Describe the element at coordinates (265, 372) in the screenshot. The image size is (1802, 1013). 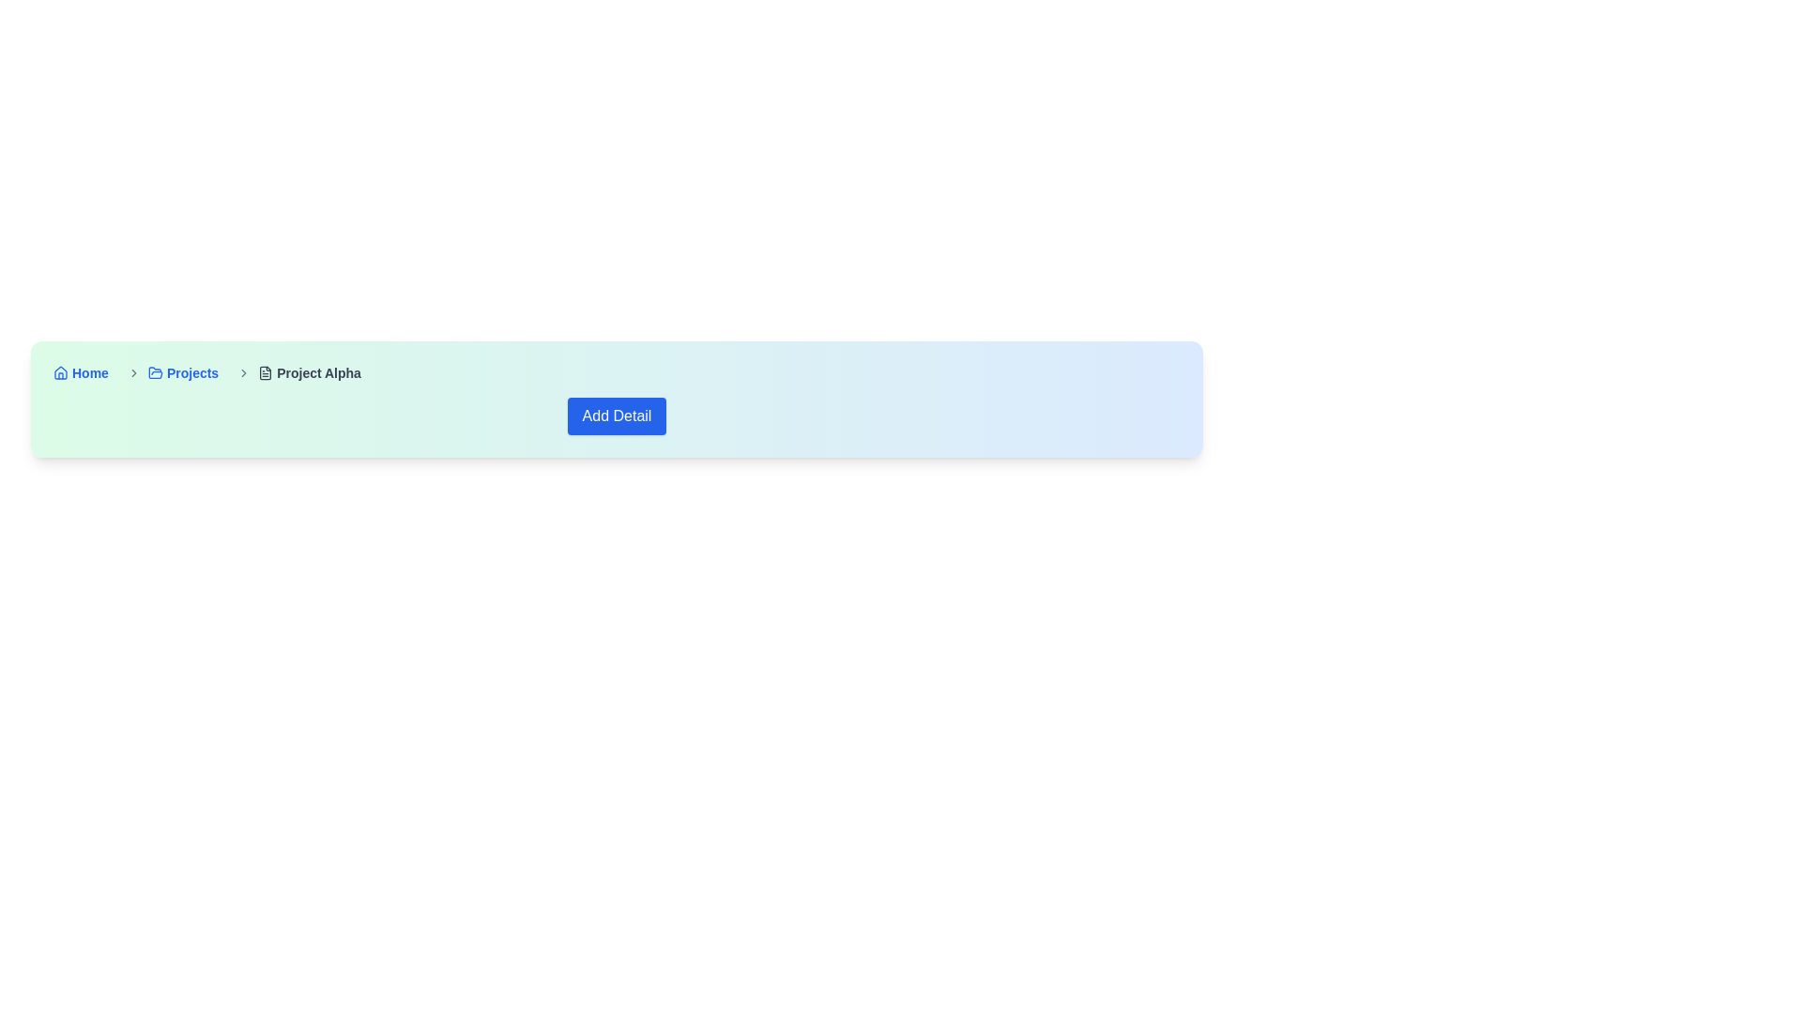
I see `the document-shaped icon with a folded corner, located in the breadcrumb section before the text 'Project Alpha'` at that location.